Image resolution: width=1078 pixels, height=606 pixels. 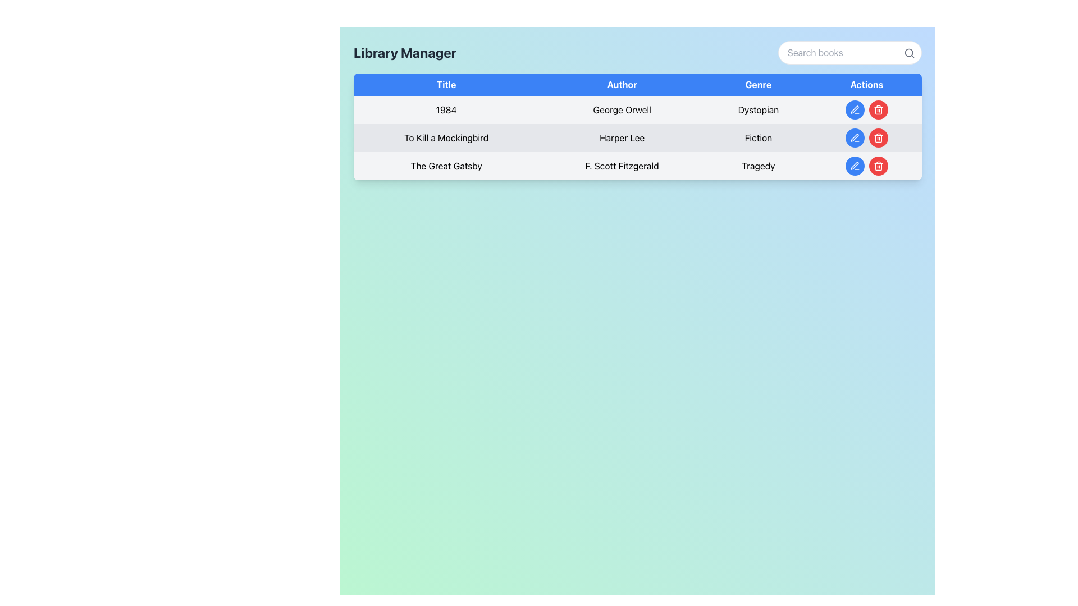 What do you see at coordinates (854, 110) in the screenshot?
I see `the small pen icon with a blue circular background located in the 'Actions' column for the book '1984' in the table interface` at bounding box center [854, 110].